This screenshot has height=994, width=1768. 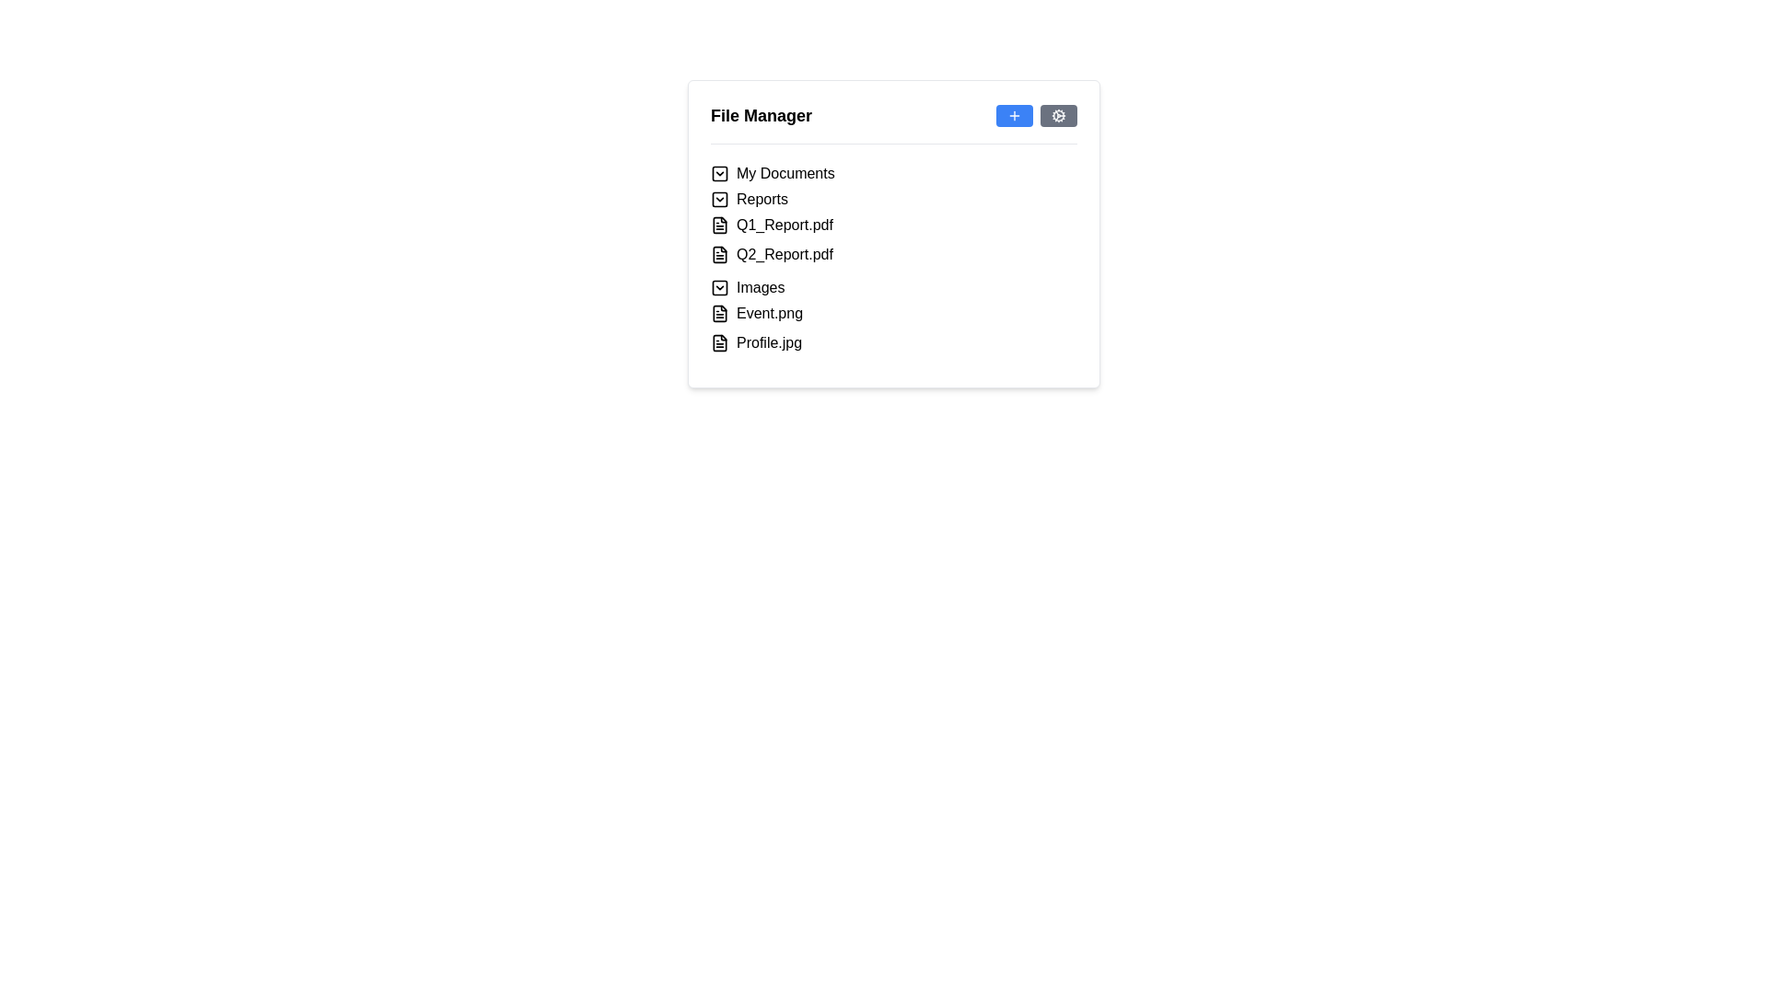 What do you see at coordinates (719, 225) in the screenshot?
I see `the file document icon representing 'Q1_Report.pdf'` at bounding box center [719, 225].